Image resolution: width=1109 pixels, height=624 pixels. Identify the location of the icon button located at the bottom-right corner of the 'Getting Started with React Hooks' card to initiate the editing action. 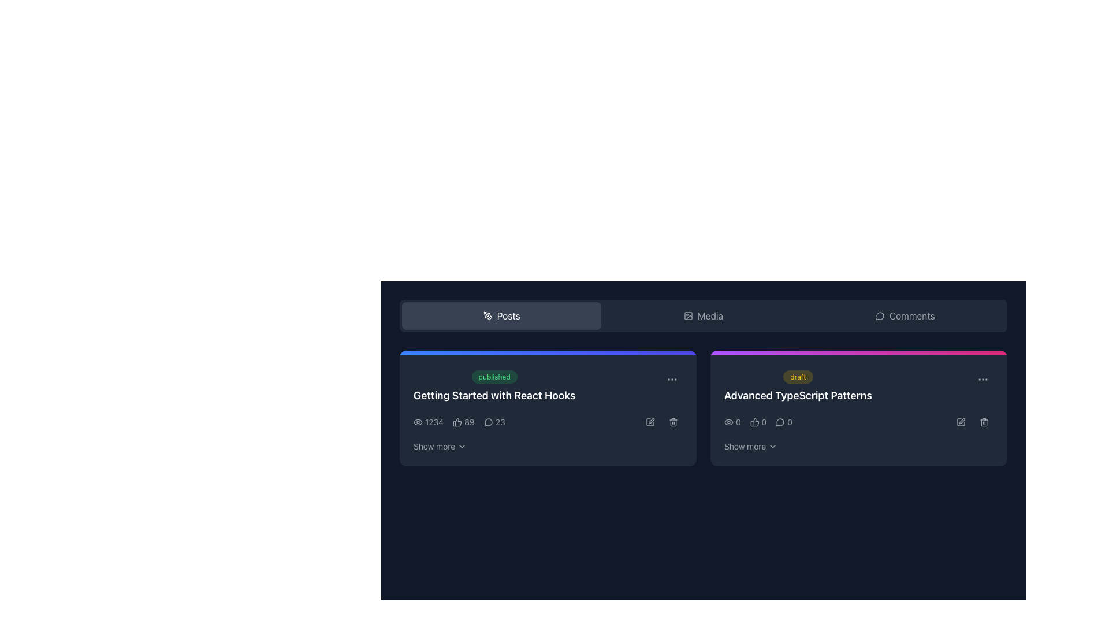
(650, 422).